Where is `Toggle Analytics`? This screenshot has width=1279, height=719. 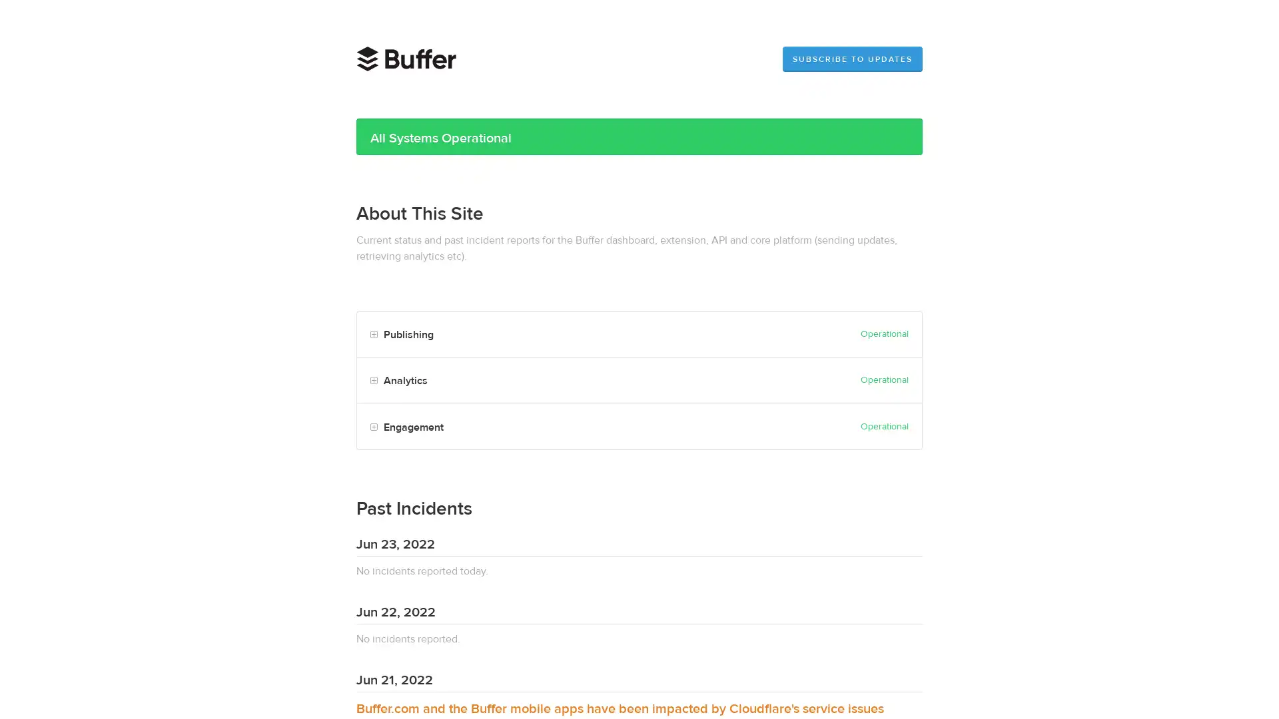
Toggle Analytics is located at coordinates (373, 381).